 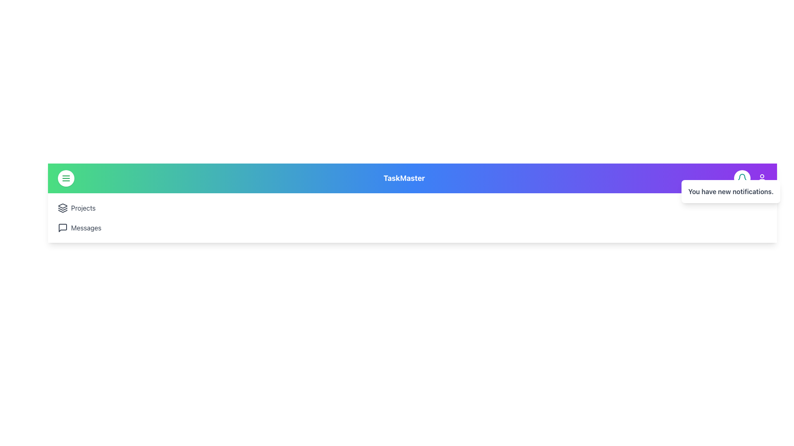 What do you see at coordinates (86, 228) in the screenshot?
I see `the 'Messages' text label located in the navigation sidebar` at bounding box center [86, 228].